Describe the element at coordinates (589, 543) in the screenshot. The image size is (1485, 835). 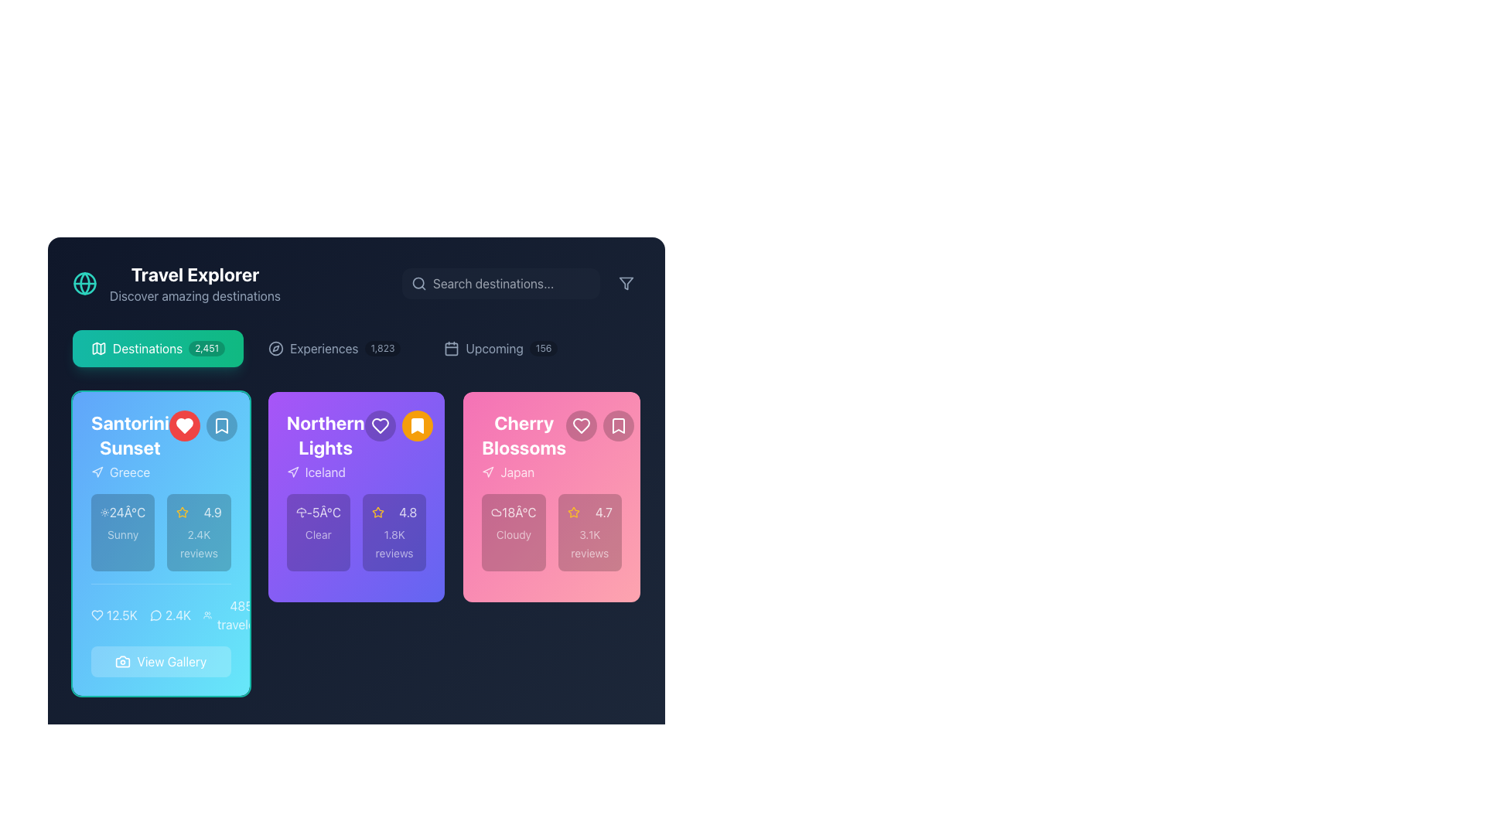
I see `the informational text displaying the total number of reviews (3.1K) for the Cherry Blossoms experience, located below the 4.7 rating and star icon within the card` at that location.